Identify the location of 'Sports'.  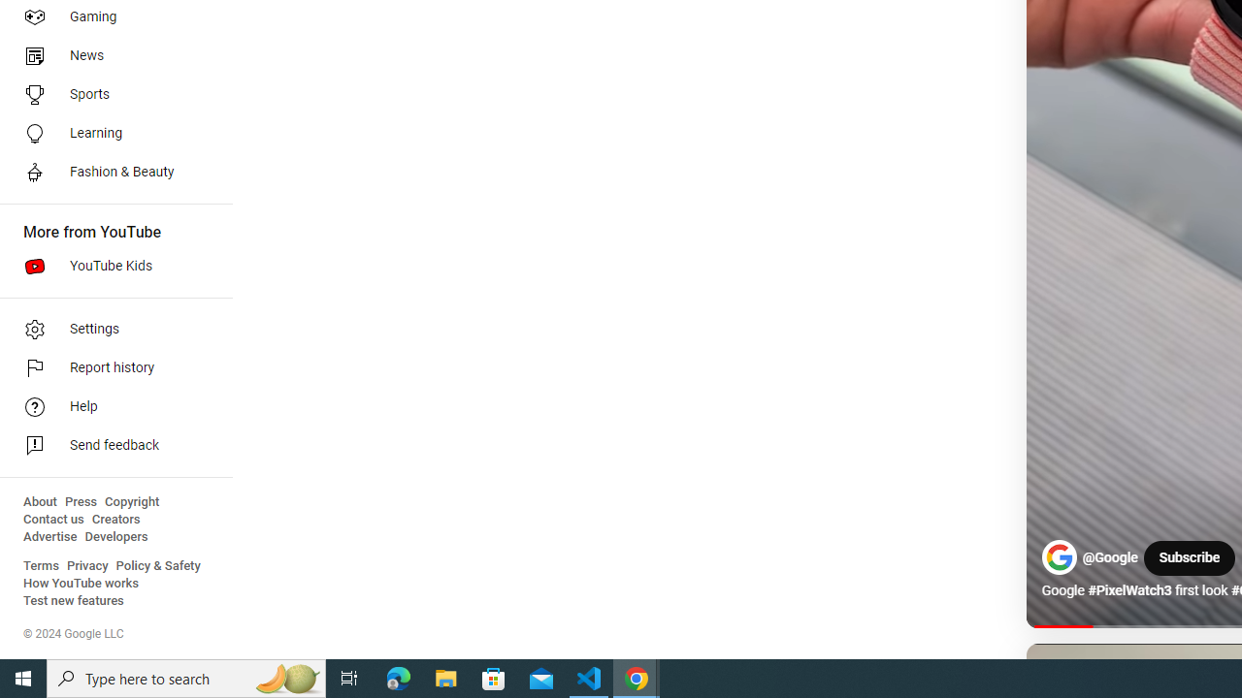
(109, 94).